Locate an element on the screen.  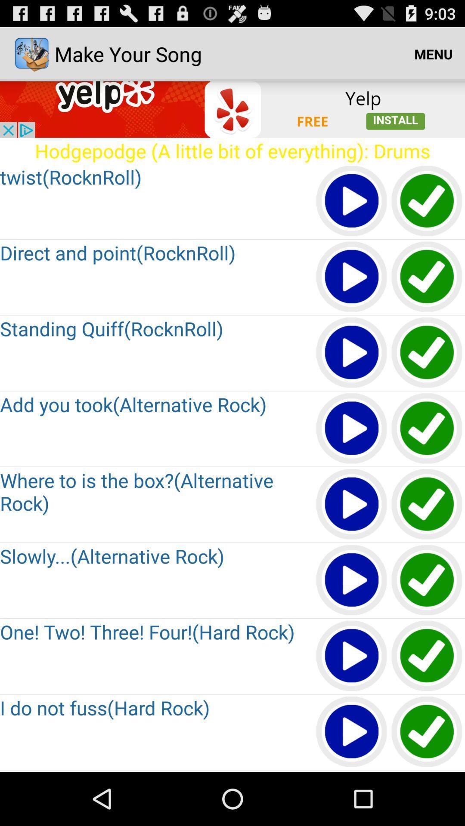
install song is located at coordinates (427, 580).